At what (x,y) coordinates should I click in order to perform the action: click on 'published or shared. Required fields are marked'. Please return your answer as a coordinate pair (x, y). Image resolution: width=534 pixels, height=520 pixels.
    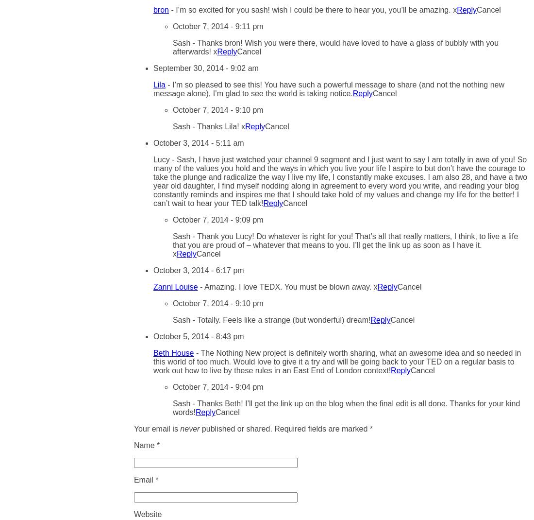
    Looking at the image, I should click on (284, 429).